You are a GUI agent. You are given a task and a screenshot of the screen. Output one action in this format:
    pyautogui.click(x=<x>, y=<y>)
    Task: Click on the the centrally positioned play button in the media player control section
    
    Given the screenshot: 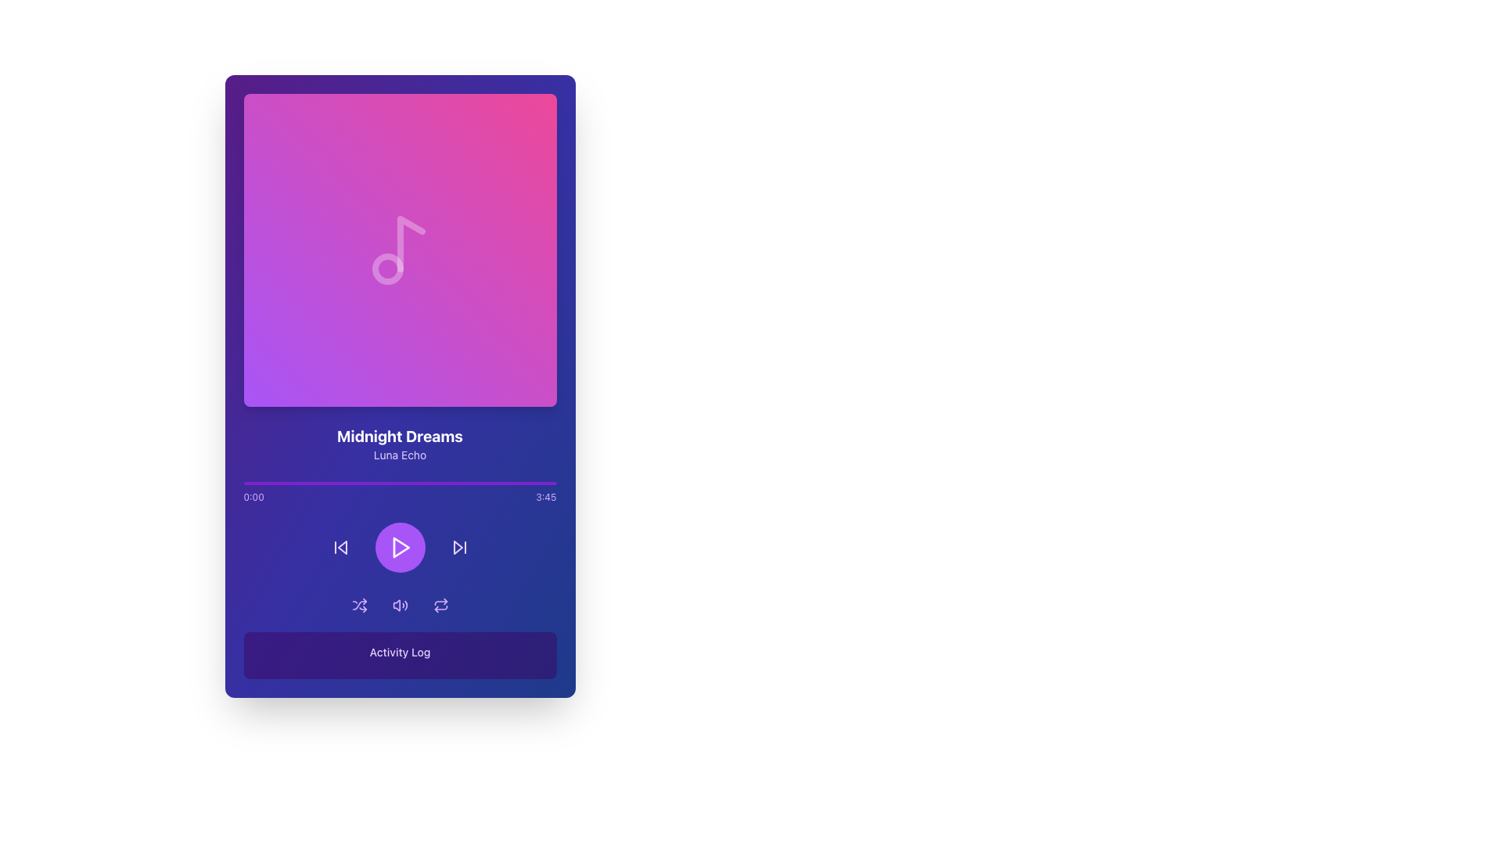 What is the action you would take?
    pyautogui.click(x=400, y=546)
    